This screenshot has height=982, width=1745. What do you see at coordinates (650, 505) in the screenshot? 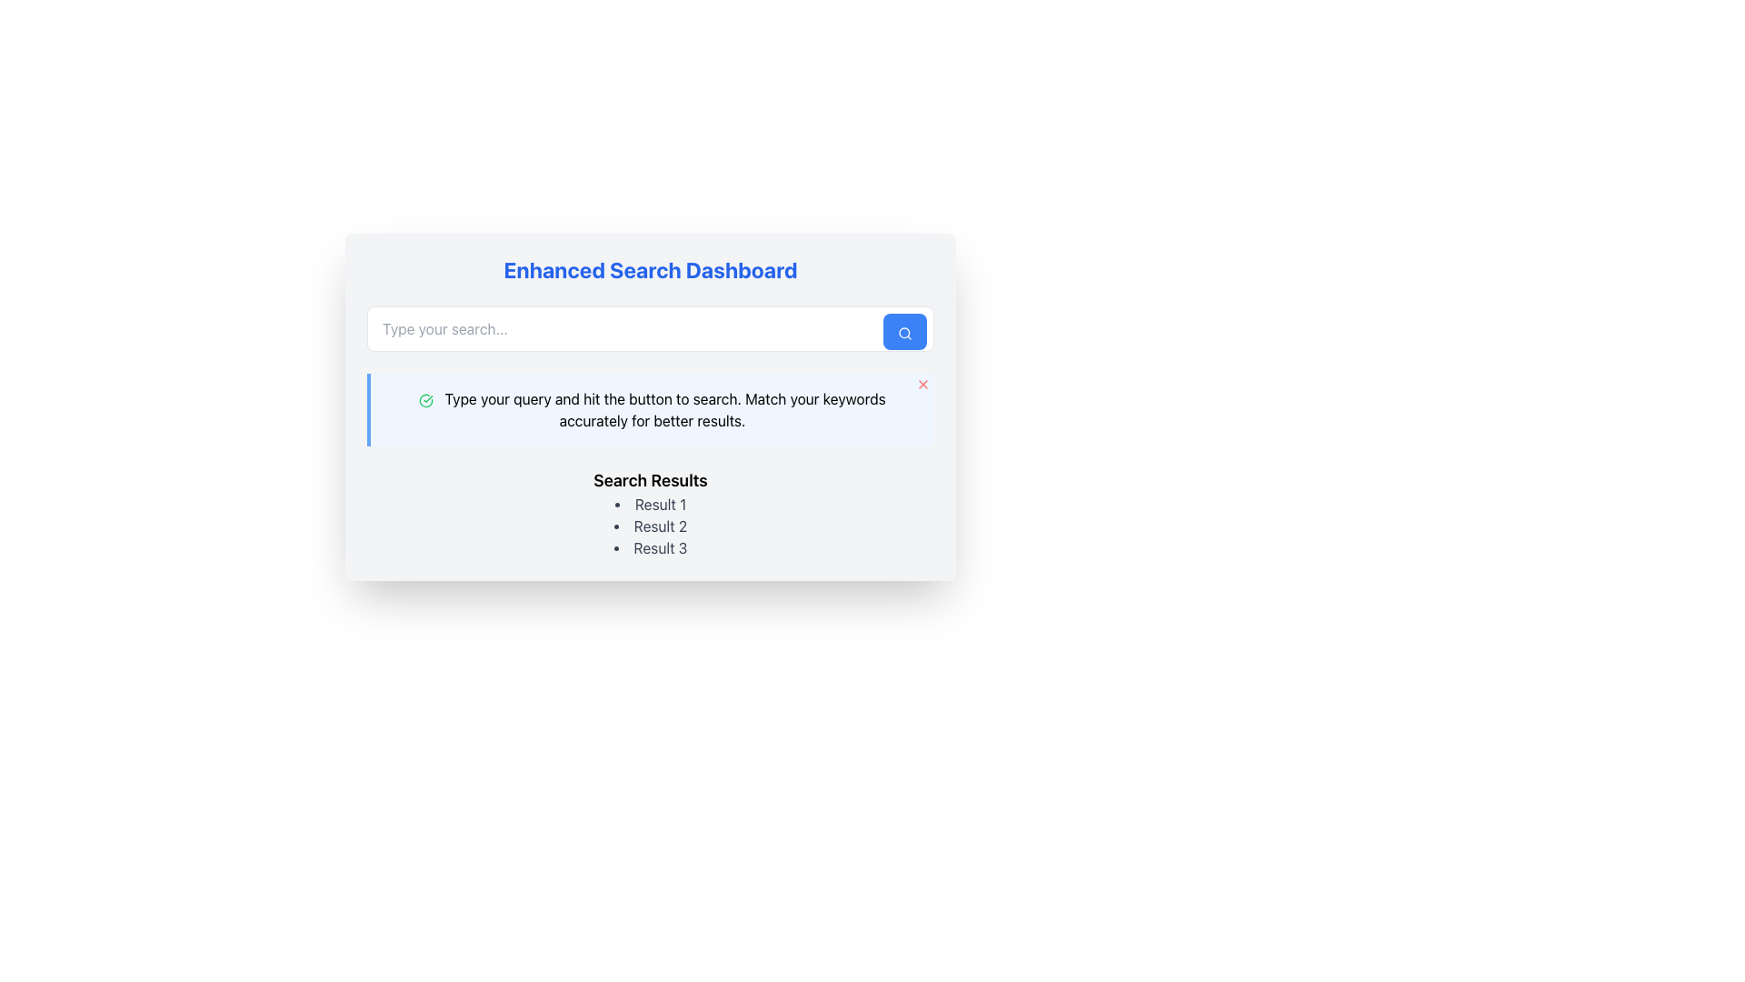
I see `the 'Result 1' text label in the bulleted list` at bounding box center [650, 505].